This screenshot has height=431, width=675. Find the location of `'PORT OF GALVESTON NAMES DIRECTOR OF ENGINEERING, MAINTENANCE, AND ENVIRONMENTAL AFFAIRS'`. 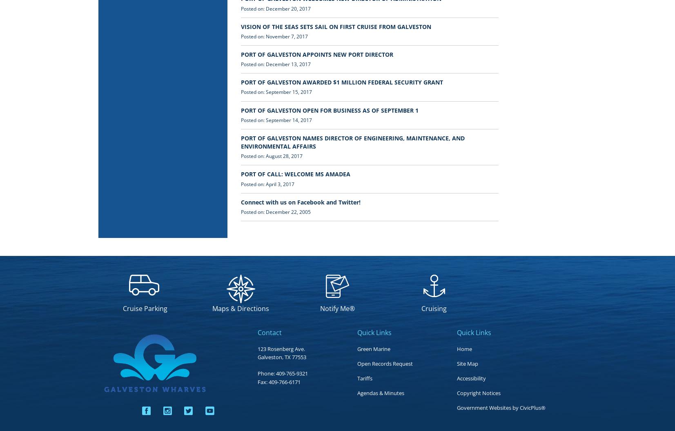

'PORT OF GALVESTON NAMES DIRECTOR OF ENGINEERING, MAINTENANCE, AND ENVIRONMENTAL AFFAIRS' is located at coordinates (240, 141).